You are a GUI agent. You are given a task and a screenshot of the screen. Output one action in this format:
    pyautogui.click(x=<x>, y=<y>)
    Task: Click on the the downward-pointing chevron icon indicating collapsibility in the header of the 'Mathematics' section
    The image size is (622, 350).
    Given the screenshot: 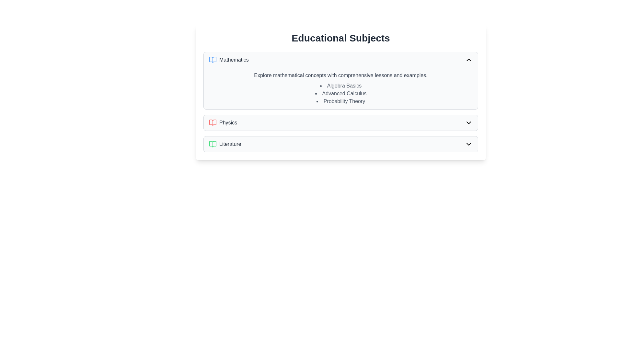 What is the action you would take?
    pyautogui.click(x=468, y=60)
    